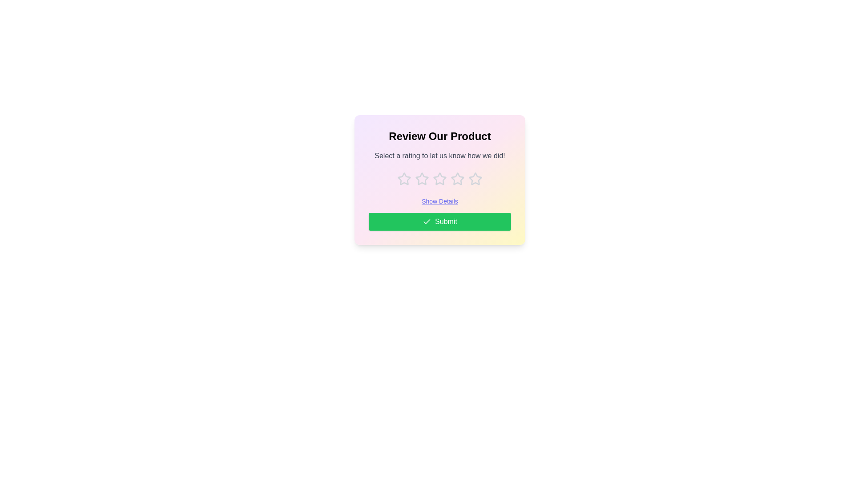  Describe the element at coordinates (403, 179) in the screenshot. I see `the rating to 1 stars by clicking on the corresponding star` at that location.